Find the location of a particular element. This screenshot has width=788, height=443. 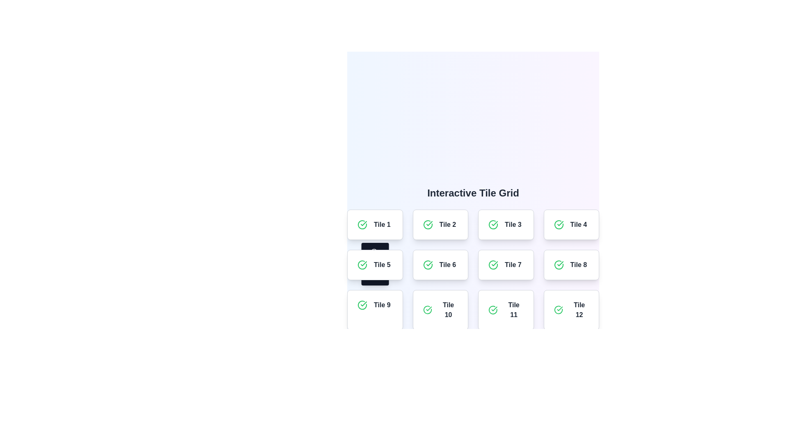

on the 'Tile 3' text label, which is styled with bold, dark gray text and is positioned on a white card in the interactive grid layout is located at coordinates (512, 224).